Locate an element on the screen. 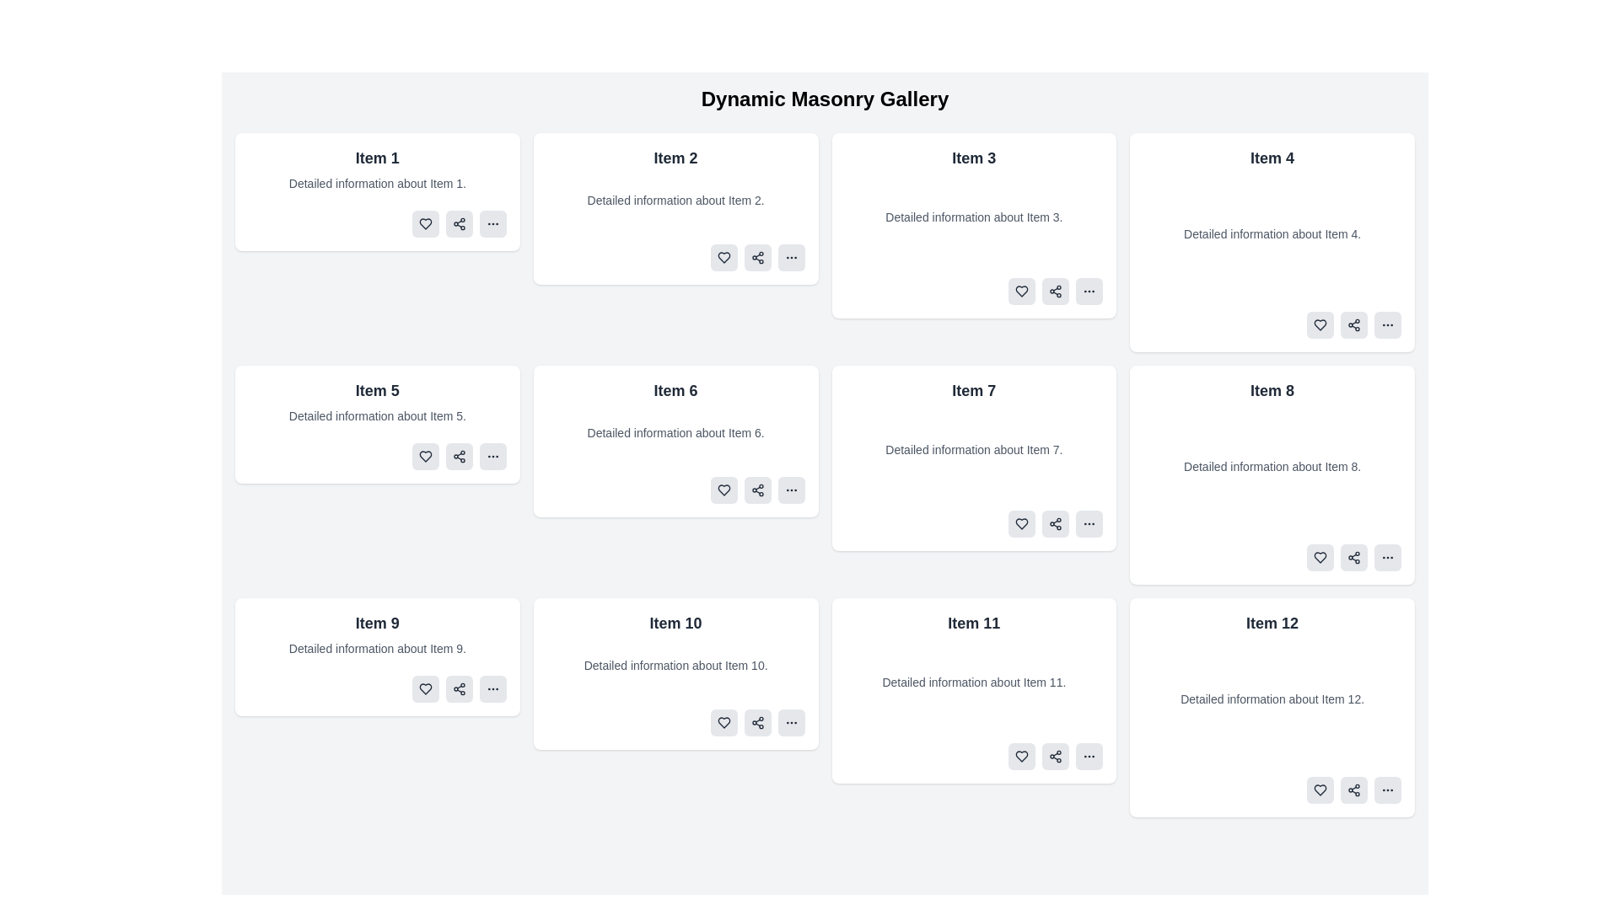 This screenshot has height=910, width=1619. the ellipsis icon located at the bottom-right corner of the card for 'Item 4' is located at coordinates (1388, 324).